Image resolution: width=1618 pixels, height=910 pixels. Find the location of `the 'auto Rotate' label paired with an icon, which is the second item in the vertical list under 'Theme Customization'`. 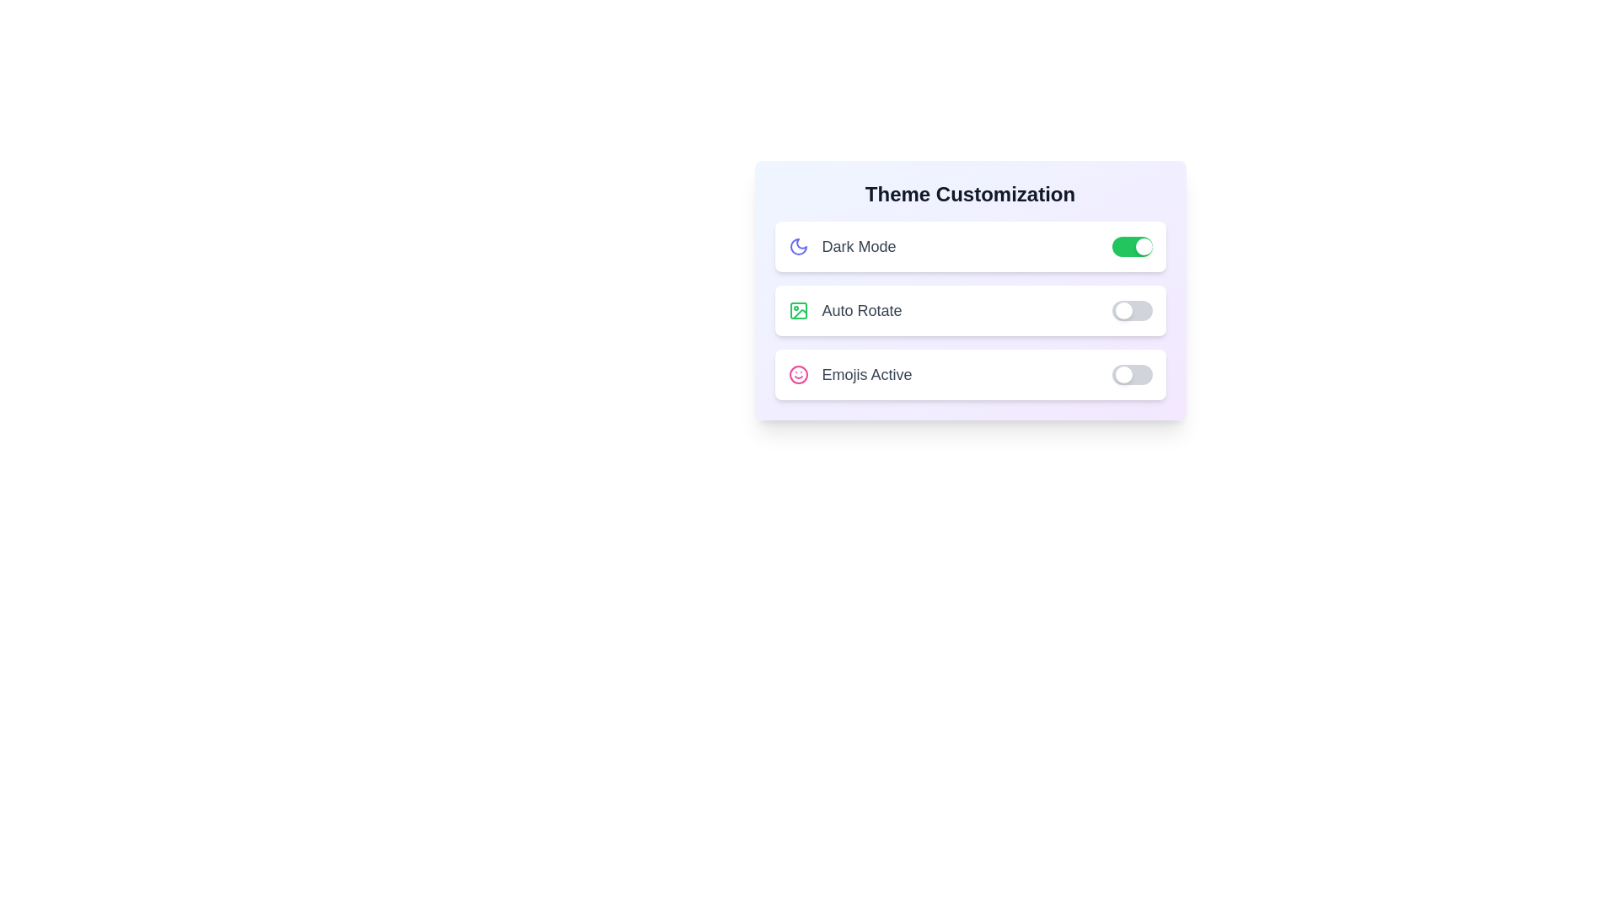

the 'auto Rotate' label paired with an icon, which is the second item in the vertical list under 'Theme Customization' is located at coordinates (845, 311).